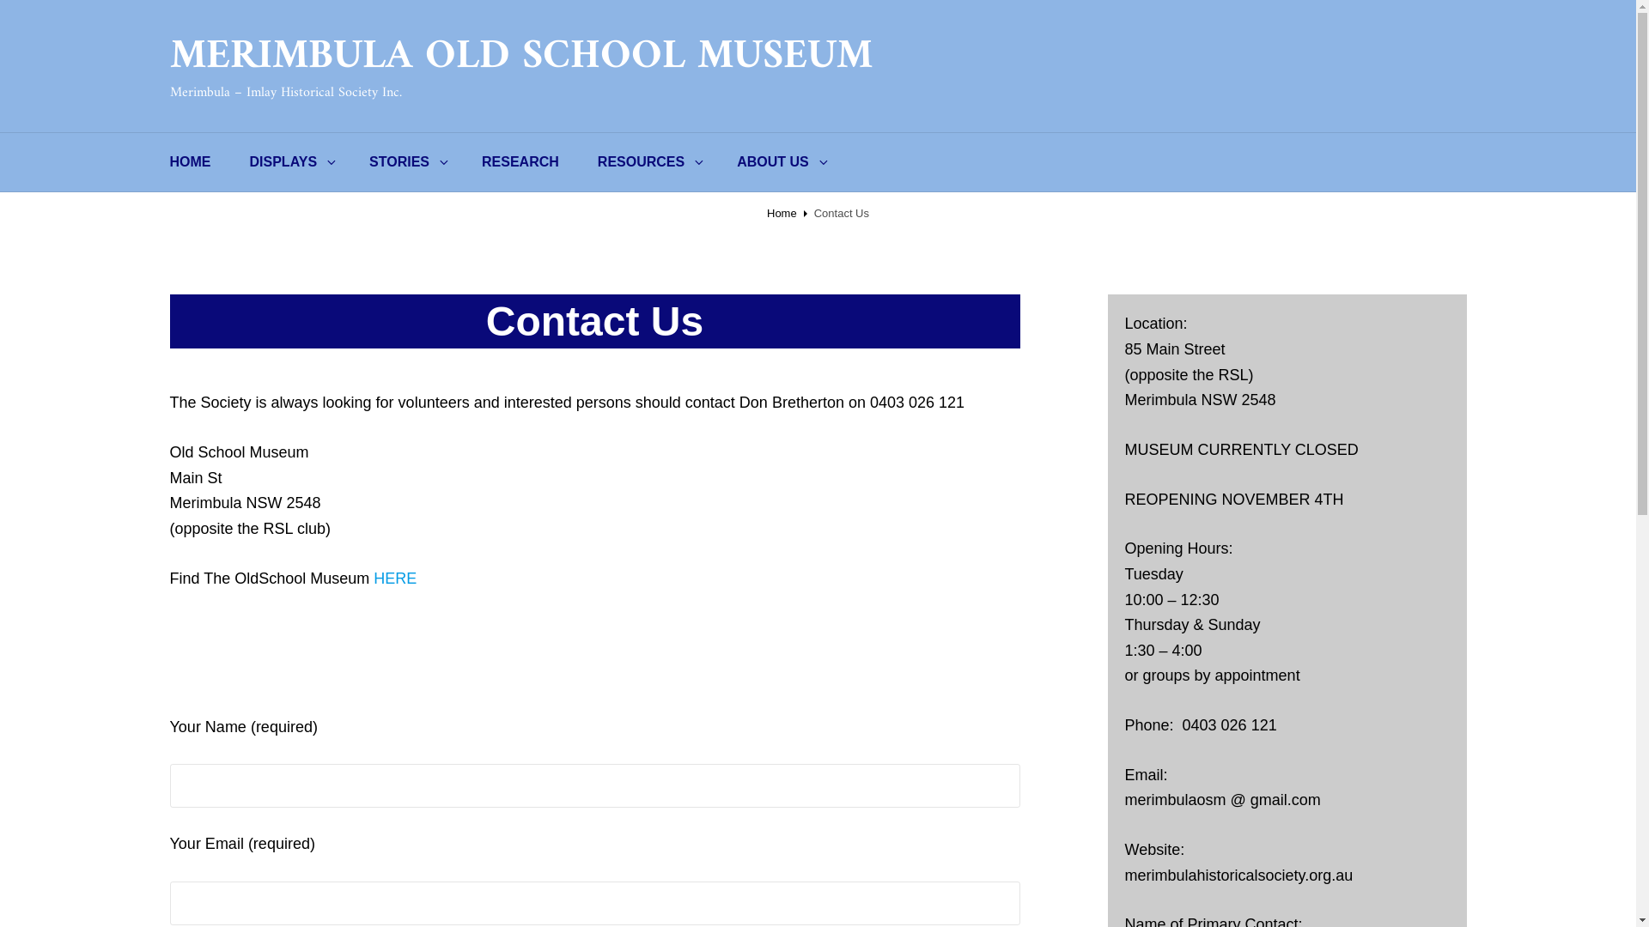  Describe the element at coordinates (190, 162) in the screenshot. I see `'HOME'` at that location.